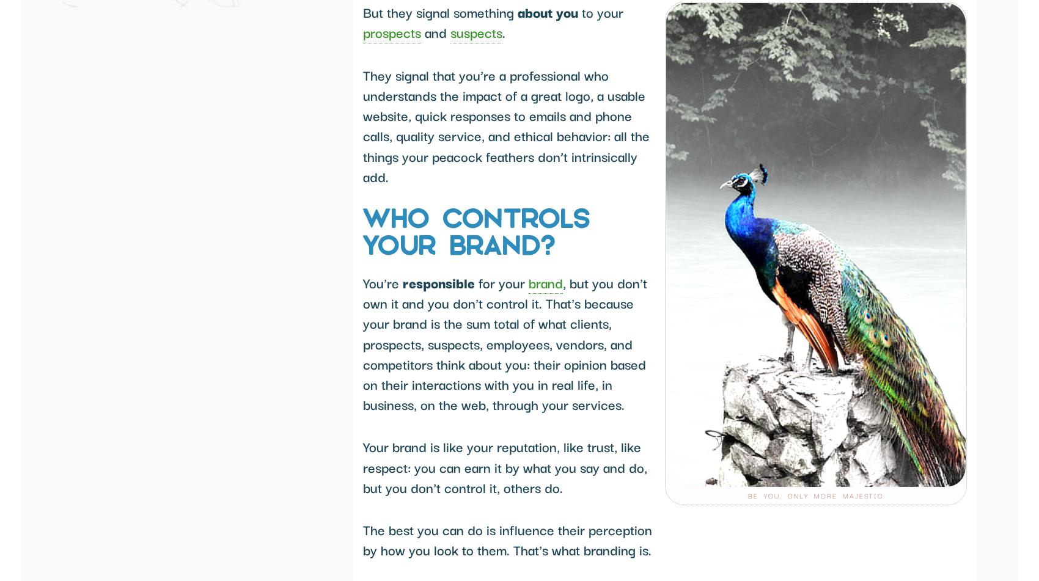  I want to click on 'about you', so click(548, 12).